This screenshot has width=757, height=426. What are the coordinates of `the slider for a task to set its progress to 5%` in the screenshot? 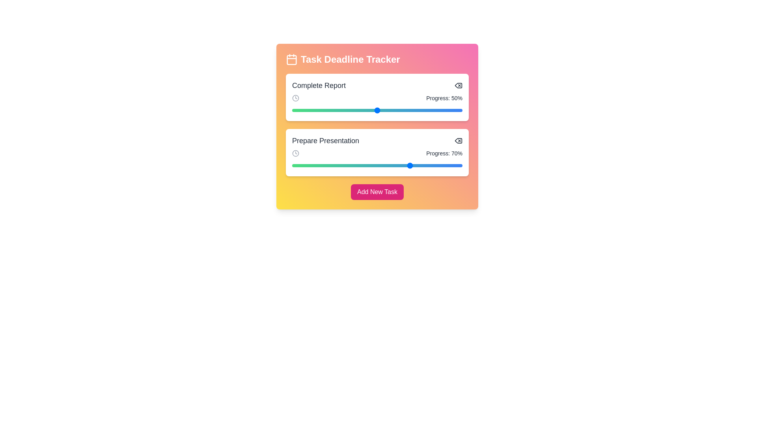 It's located at (300, 110).